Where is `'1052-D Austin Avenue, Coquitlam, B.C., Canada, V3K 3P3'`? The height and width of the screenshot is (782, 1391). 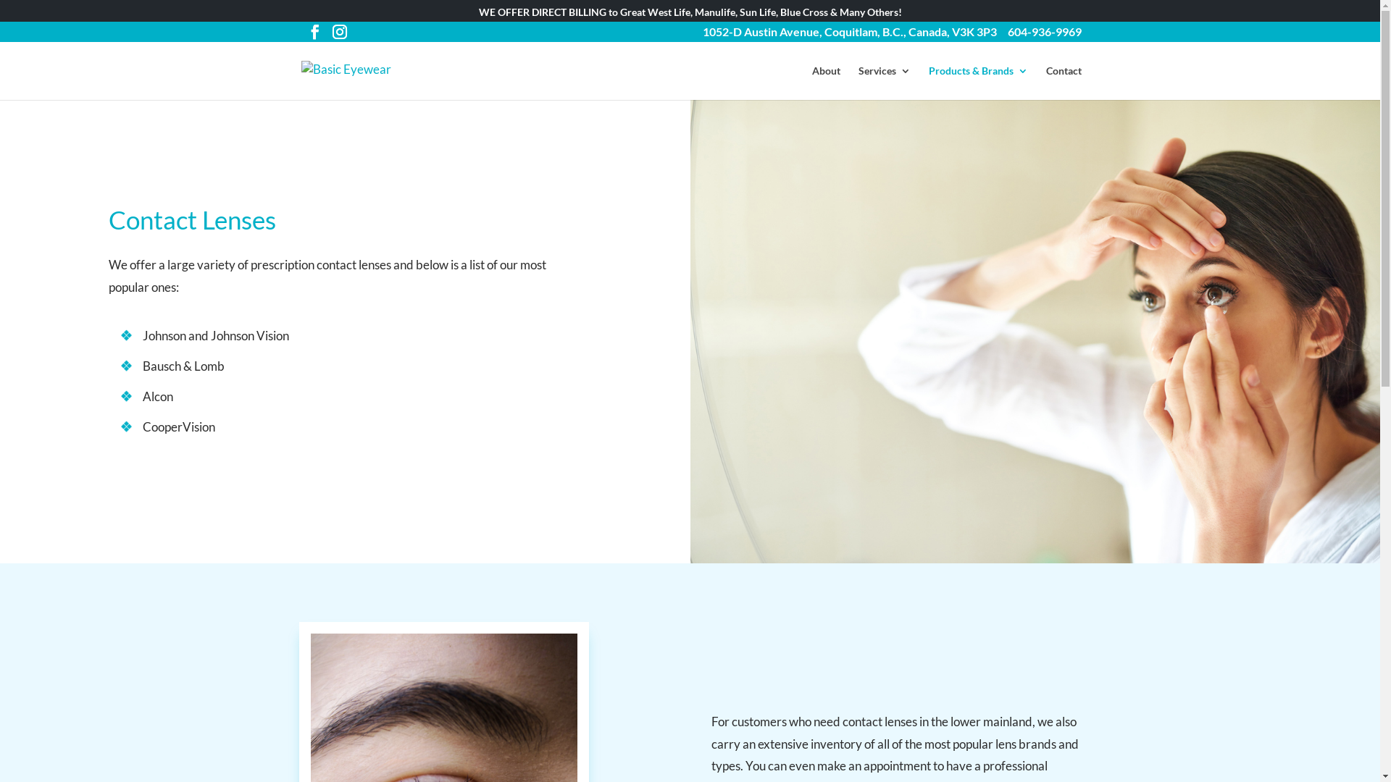
'1052-D Austin Avenue, Coquitlam, B.C., Canada, V3K 3P3' is located at coordinates (849, 33).